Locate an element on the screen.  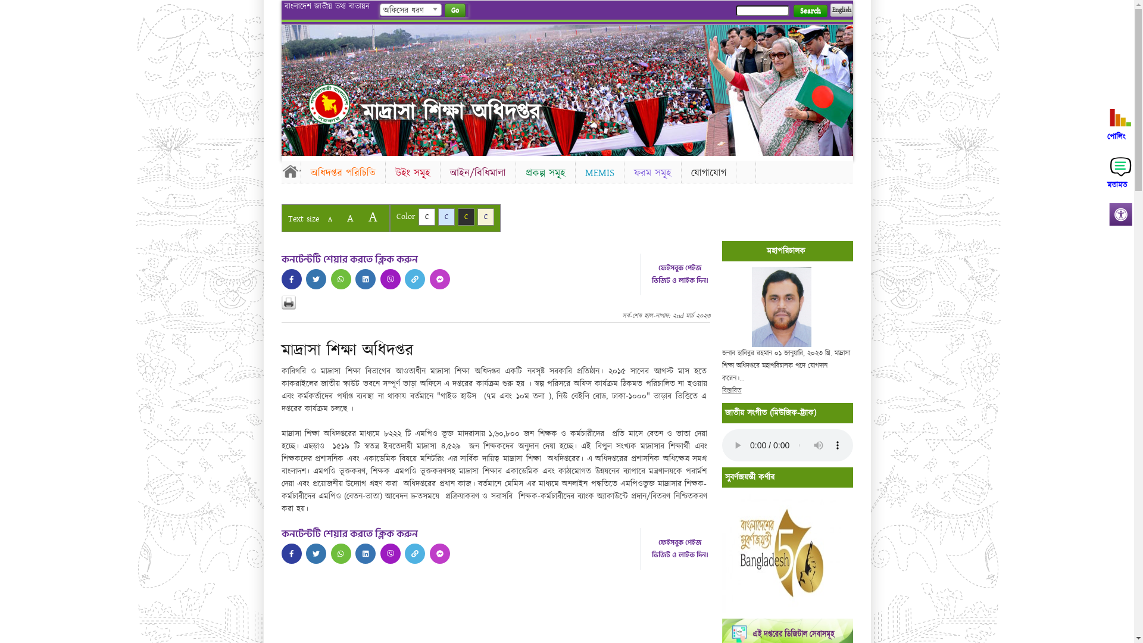
'English' is located at coordinates (840, 10).